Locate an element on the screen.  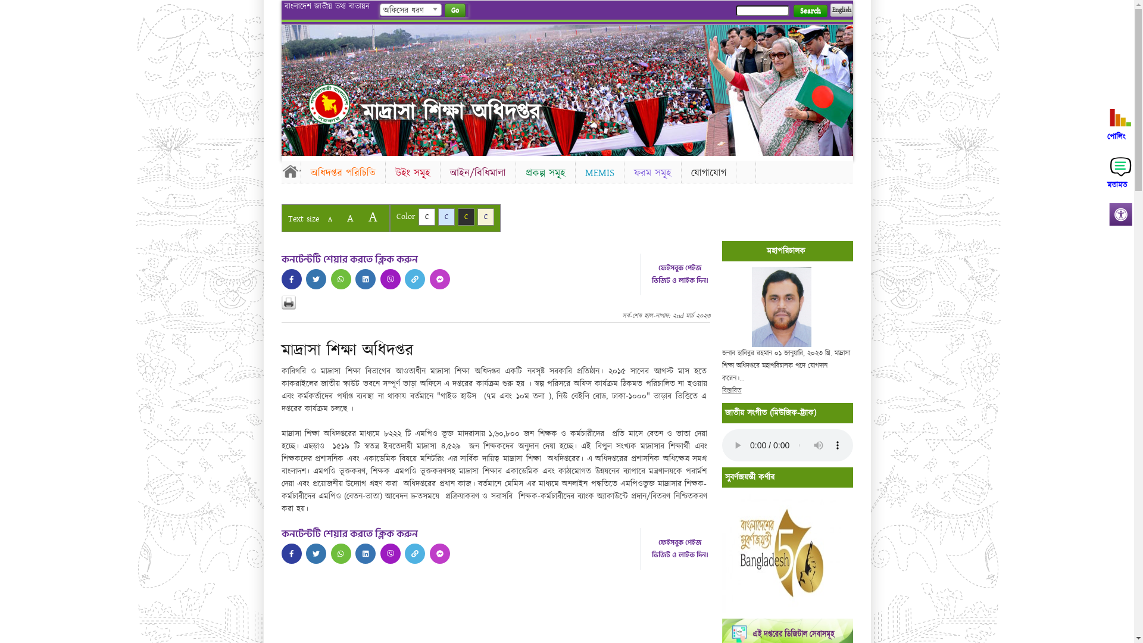
'English' is located at coordinates (840, 10).